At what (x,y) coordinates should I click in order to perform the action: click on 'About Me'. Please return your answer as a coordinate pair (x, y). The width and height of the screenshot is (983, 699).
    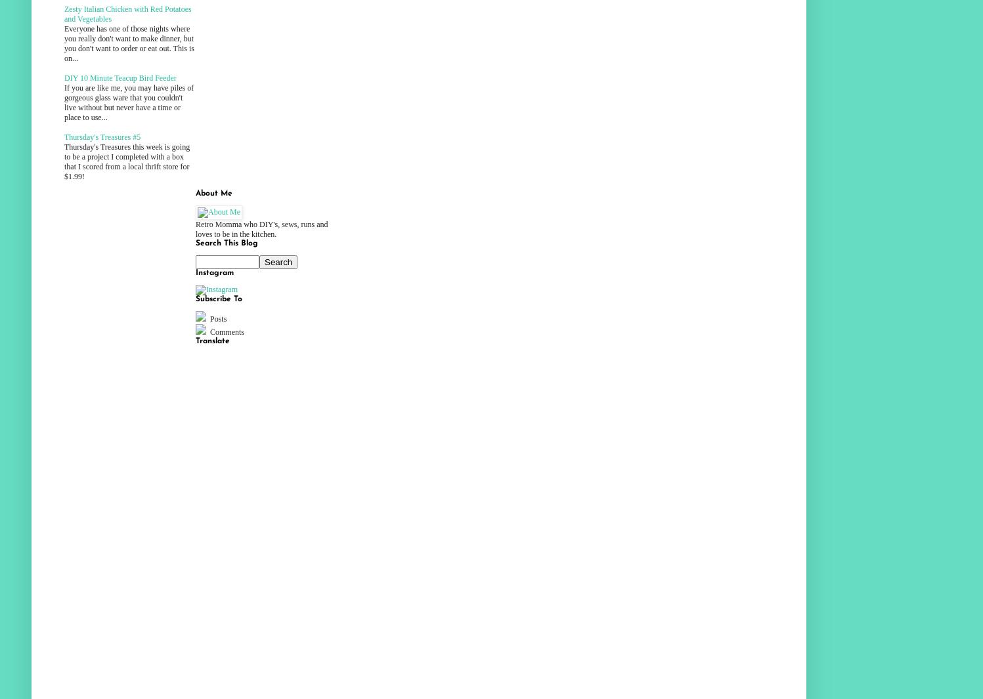
    Looking at the image, I should click on (214, 193).